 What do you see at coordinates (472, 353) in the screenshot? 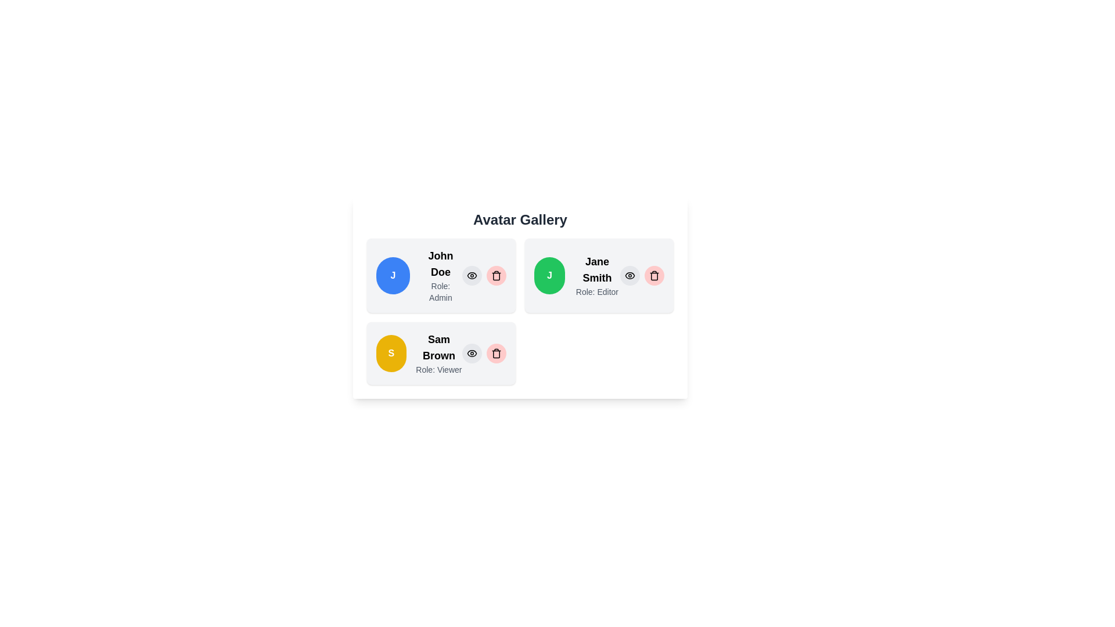
I see `the view icon SVG component representing the ability to make something visible, located in the Avatar Gallery for 'Sam Brown', adjacent to the user roles text and to the left of the red trash icon` at bounding box center [472, 353].